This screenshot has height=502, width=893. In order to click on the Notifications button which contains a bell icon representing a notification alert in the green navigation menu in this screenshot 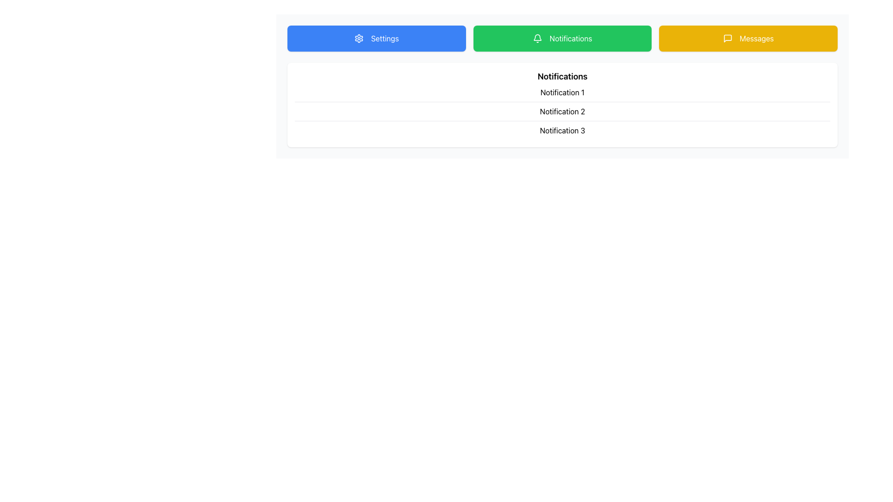, I will do `click(537, 37)`.